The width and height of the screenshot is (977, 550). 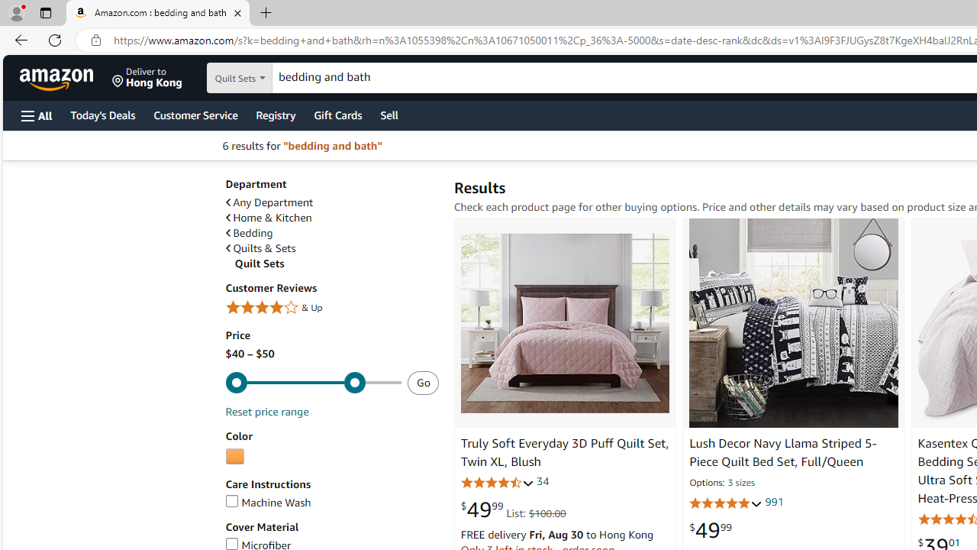 What do you see at coordinates (543, 481) in the screenshot?
I see `'34'` at bounding box center [543, 481].